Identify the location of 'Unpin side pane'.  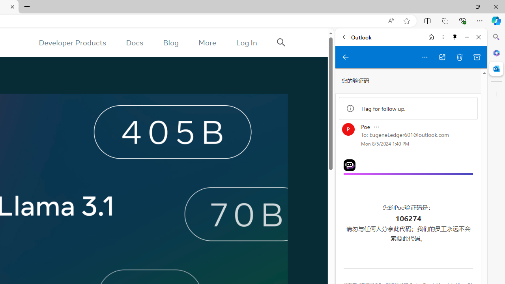
(455, 37).